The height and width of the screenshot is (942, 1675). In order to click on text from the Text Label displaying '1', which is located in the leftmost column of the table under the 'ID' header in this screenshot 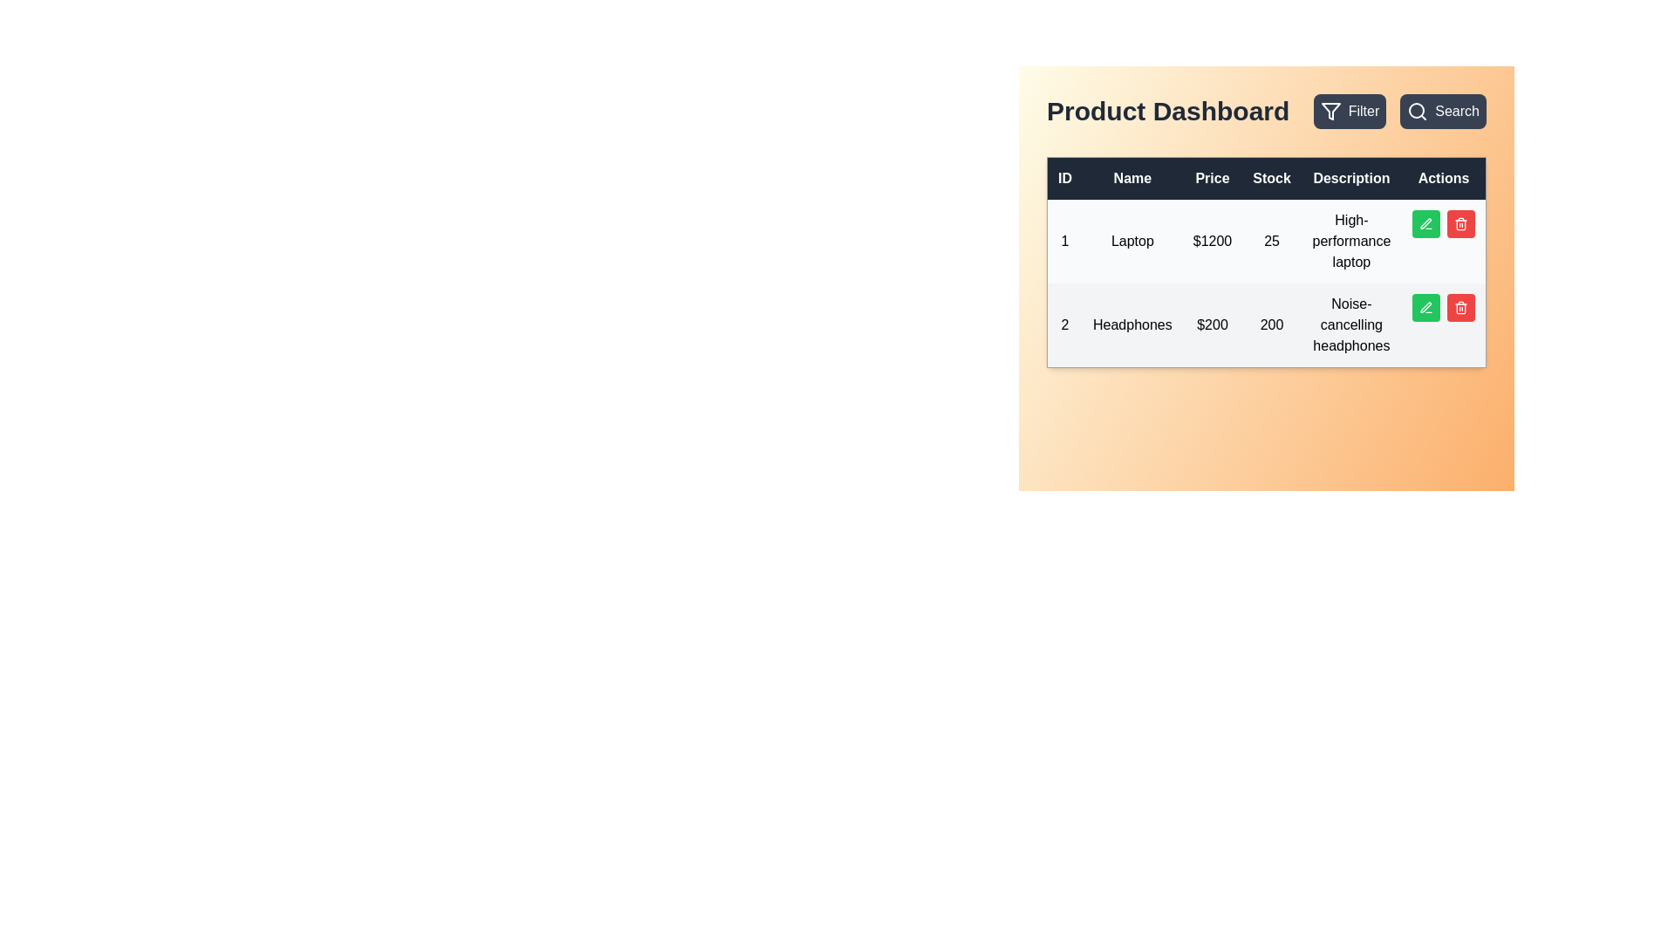, I will do `click(1063, 242)`.